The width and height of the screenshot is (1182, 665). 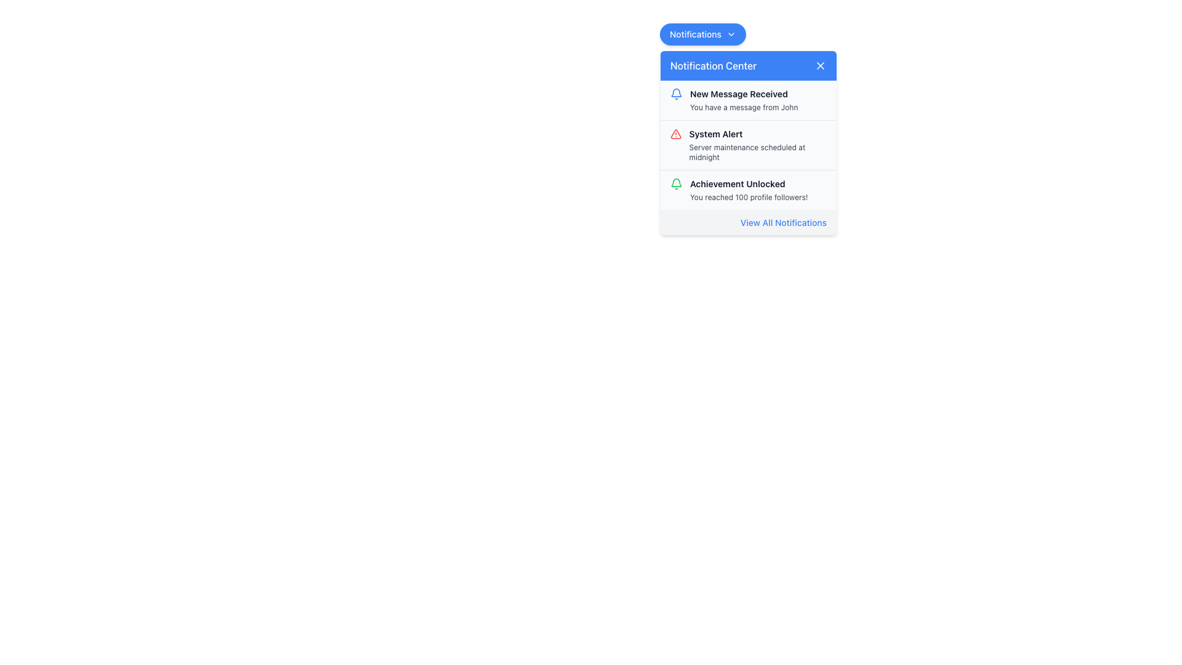 I want to click on text 'Notification Center' from the header bar with a blue background and a small 'X' button on the right side, so click(x=747, y=66).